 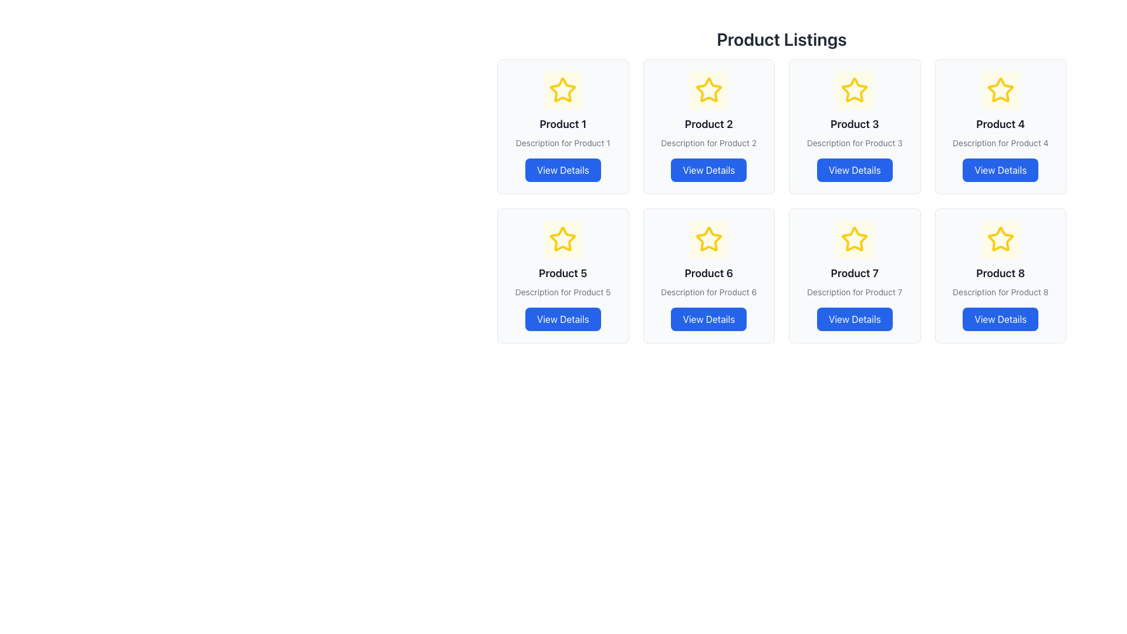 I want to click on the bold text label reading 'Product 8' located in the bottom-right card of a 3x3 grid layout, so click(x=1000, y=274).